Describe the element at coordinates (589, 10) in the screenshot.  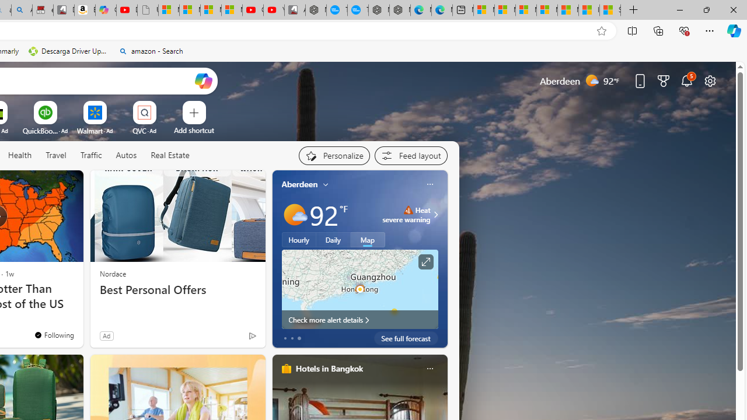
I see `'I Gained 20 Pounds of Muscle in 30 Days! | Watch'` at that location.